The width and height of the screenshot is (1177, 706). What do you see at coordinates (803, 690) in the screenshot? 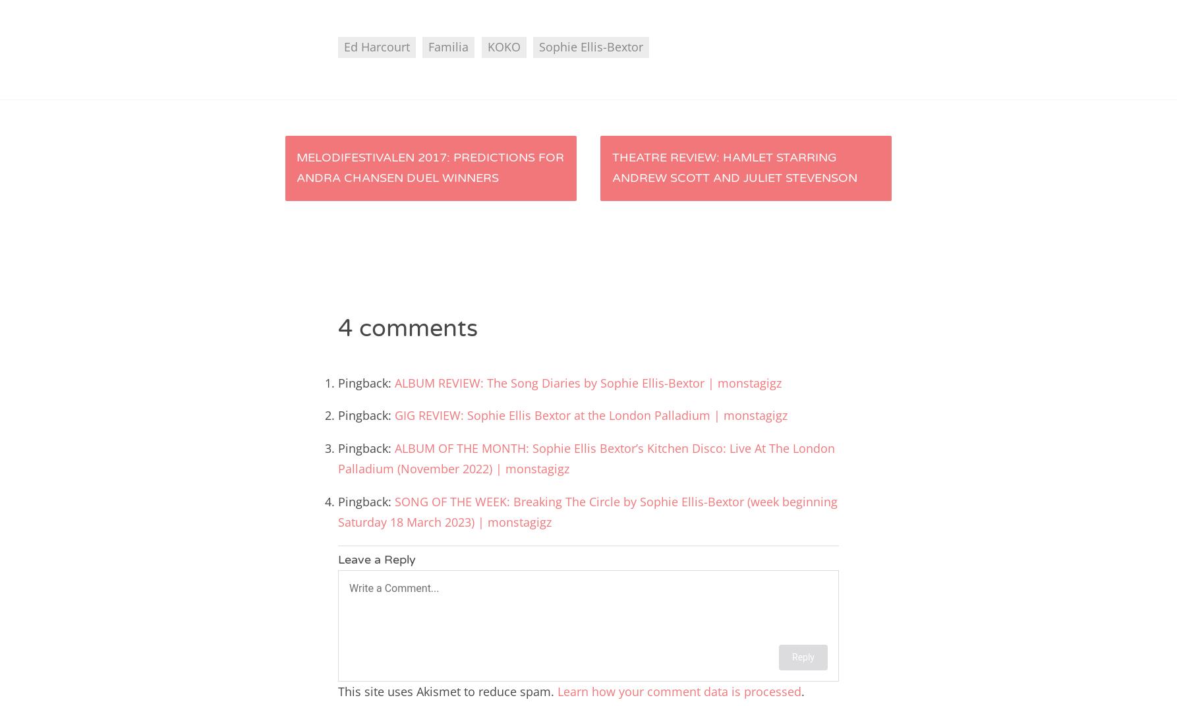
I see `'.'` at bounding box center [803, 690].